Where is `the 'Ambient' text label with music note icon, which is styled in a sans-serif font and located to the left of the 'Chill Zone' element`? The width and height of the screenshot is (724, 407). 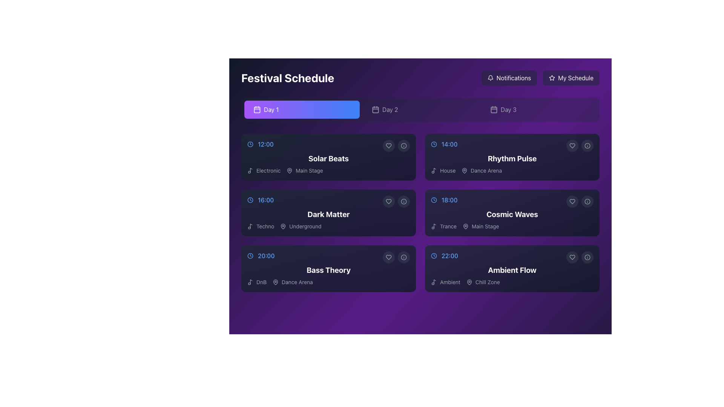
the 'Ambient' text label with music note icon, which is styled in a sans-serif font and located to the left of the 'Chill Zone' element is located at coordinates (445, 282).